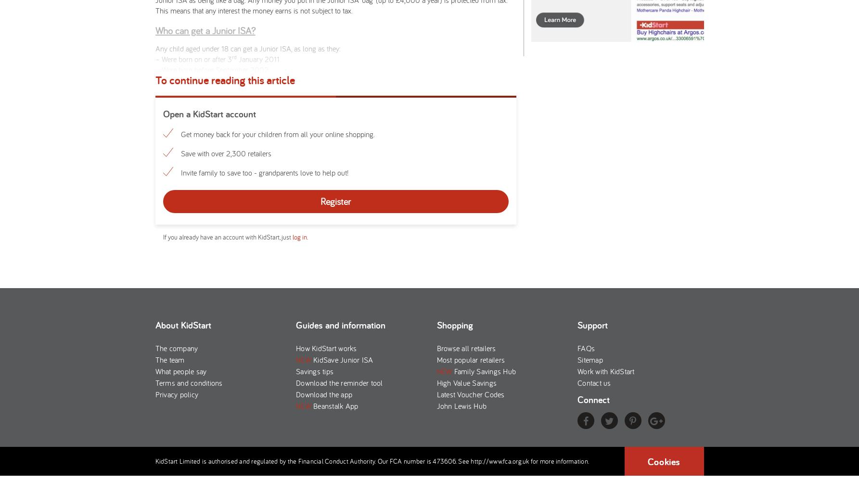 The width and height of the screenshot is (859, 481). Describe the element at coordinates (314, 371) in the screenshot. I see `'Savings tips'` at that location.